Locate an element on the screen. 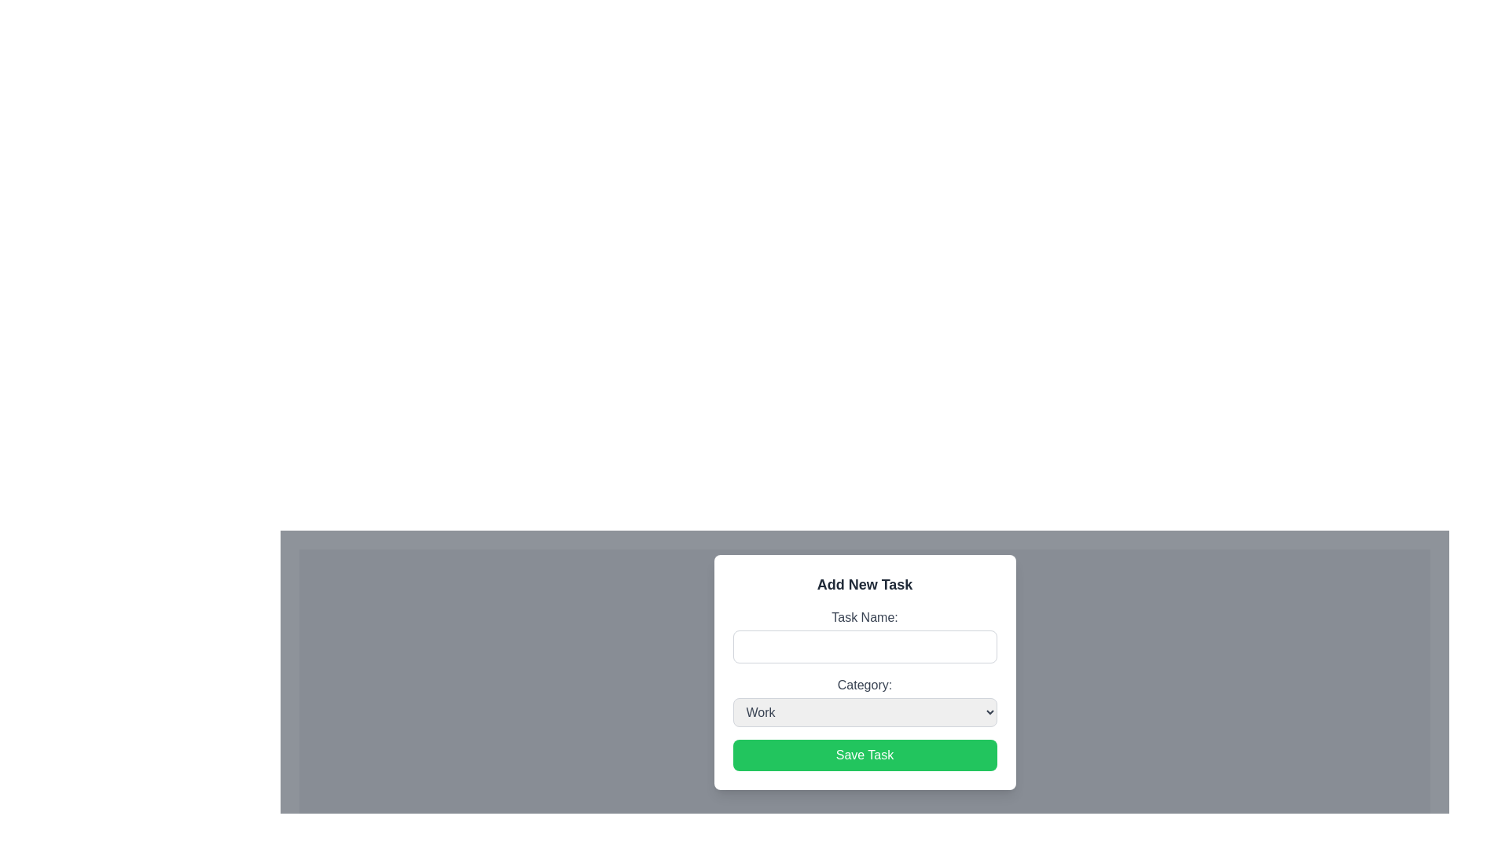 The width and height of the screenshot is (1509, 849). the Dropdown menu for category selection located in the 'Add New Task' modal is located at coordinates (864, 700).